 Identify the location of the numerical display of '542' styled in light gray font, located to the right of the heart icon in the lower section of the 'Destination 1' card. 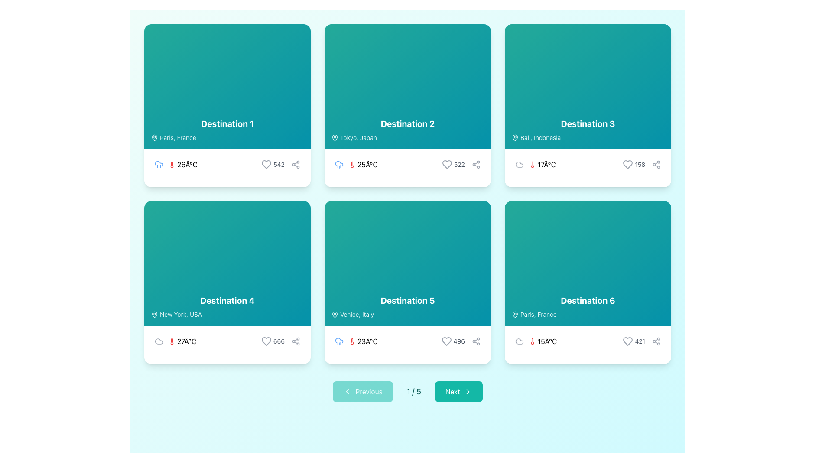
(281, 165).